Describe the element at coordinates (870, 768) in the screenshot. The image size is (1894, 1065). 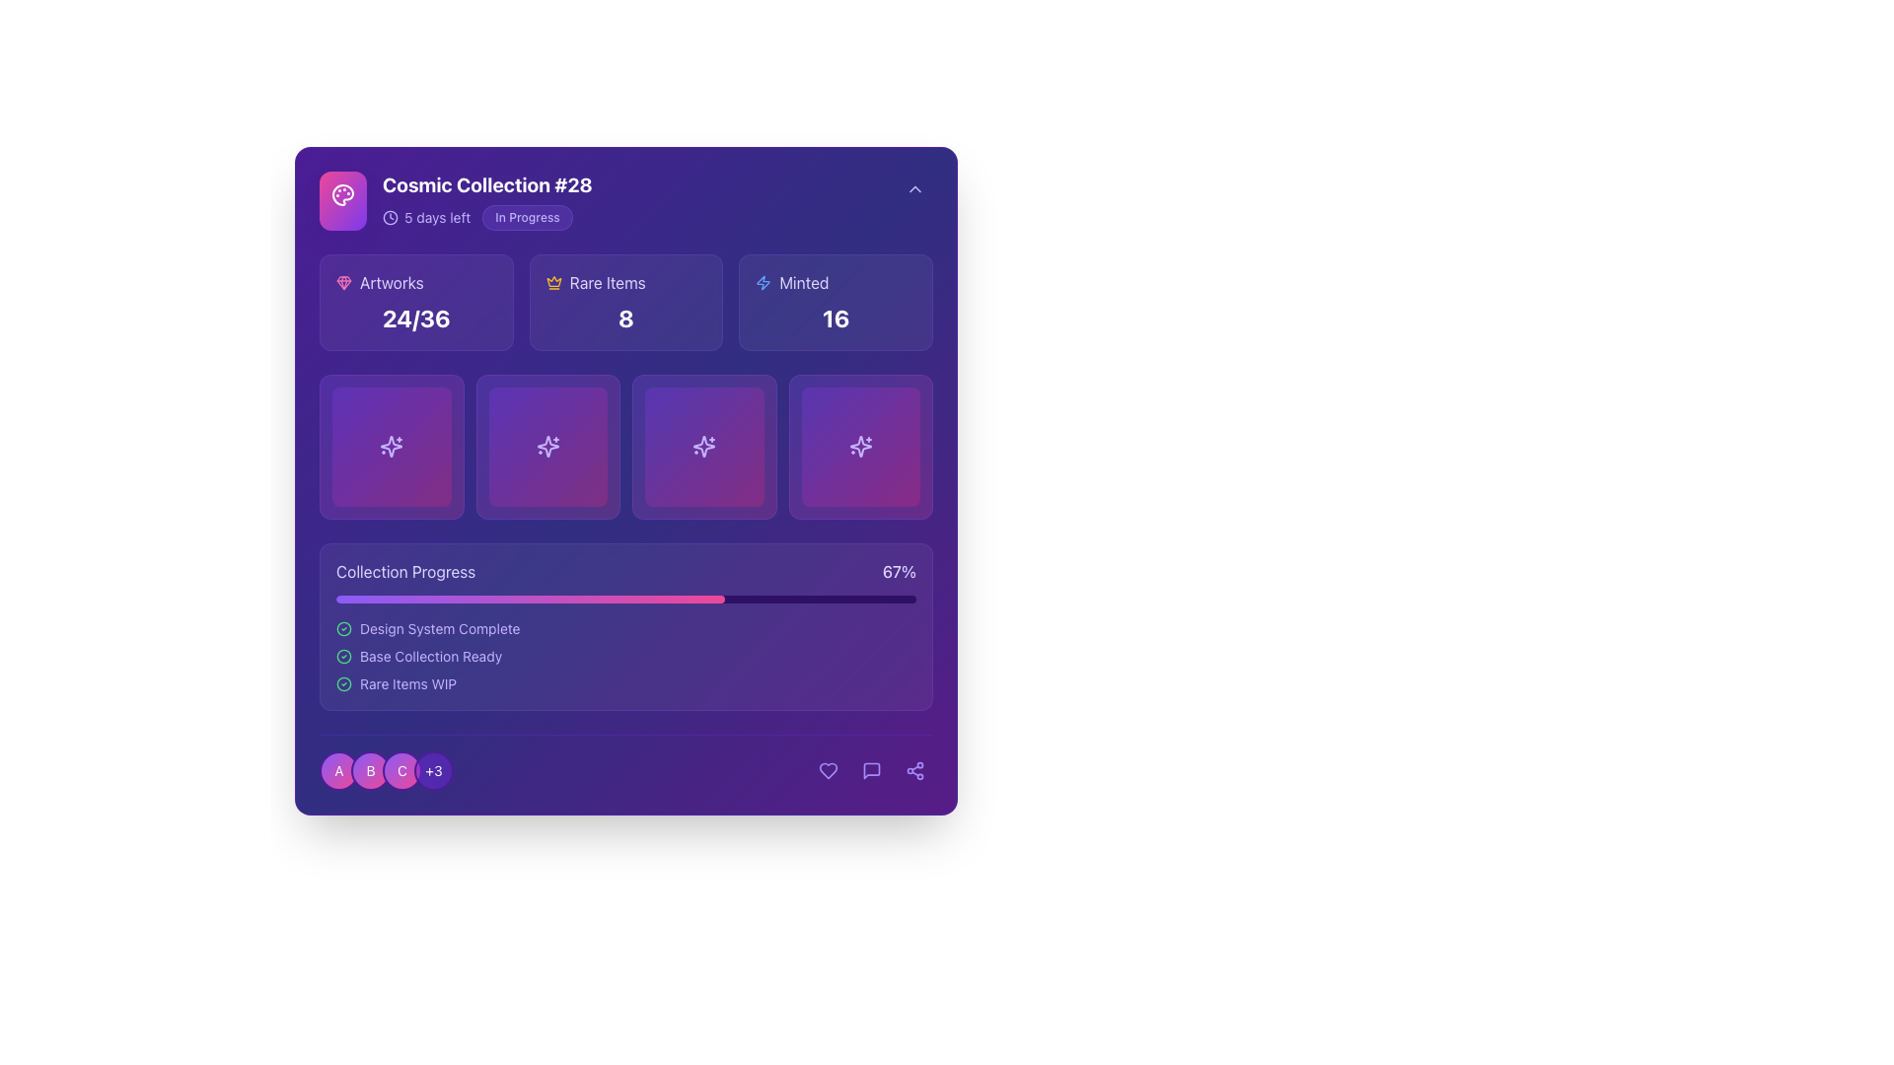
I see `the interactive comment icon located between the heart icon and the share icon` at that location.